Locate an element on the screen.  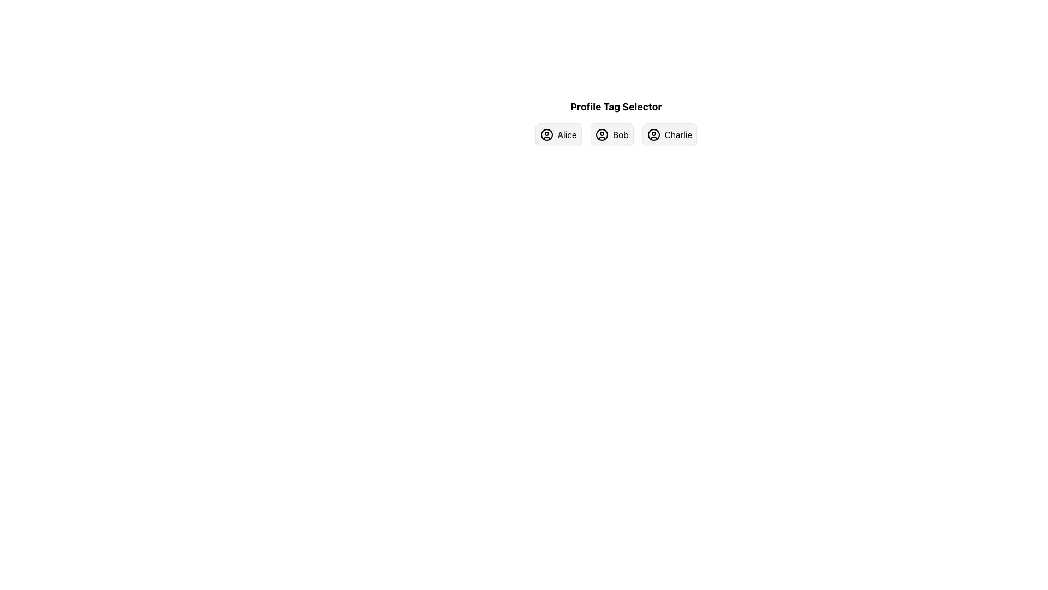
heading labeled 'Profile Tag Selector', which is displayed in bold and larger font at the top-center of the profile tag selection area is located at coordinates (616, 107).